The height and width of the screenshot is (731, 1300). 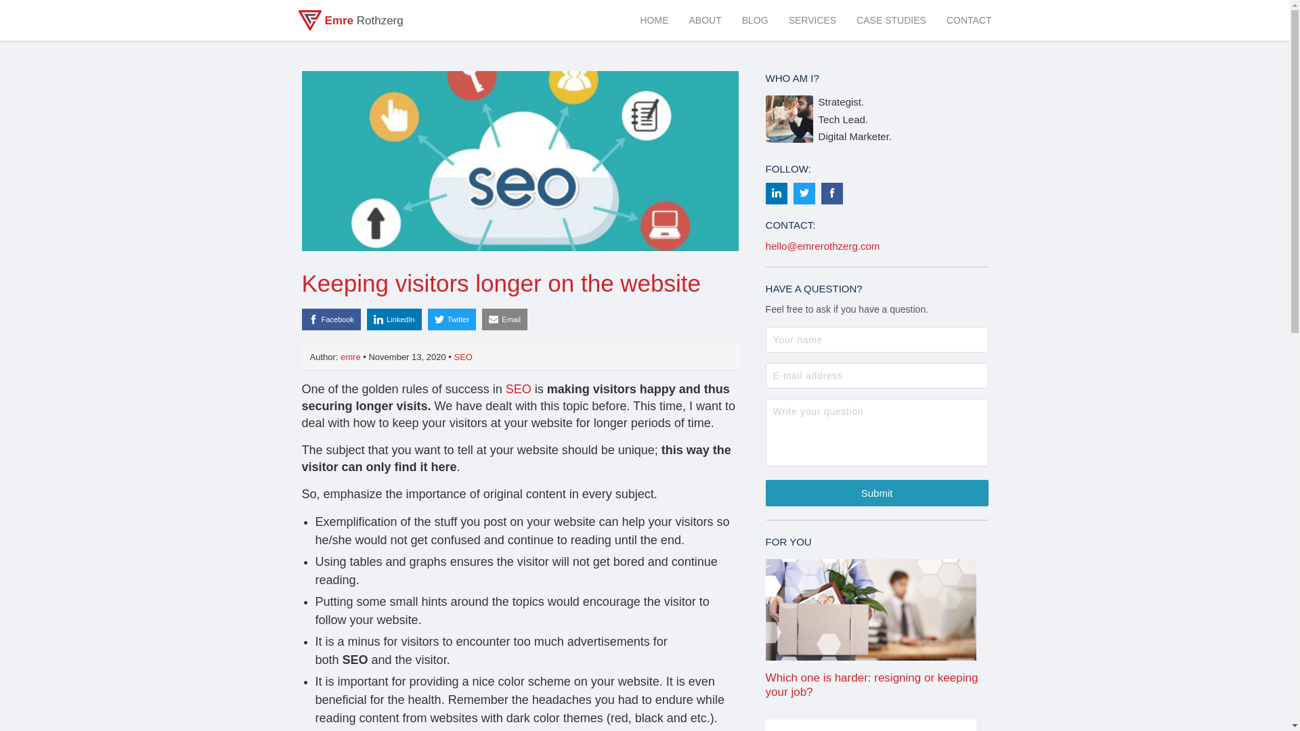 I want to click on 'Email', so click(x=504, y=319).